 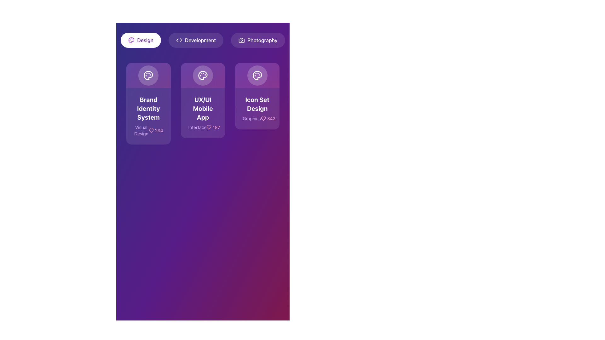 What do you see at coordinates (241, 40) in the screenshot?
I see `the camera icon in the navigation bar` at bounding box center [241, 40].